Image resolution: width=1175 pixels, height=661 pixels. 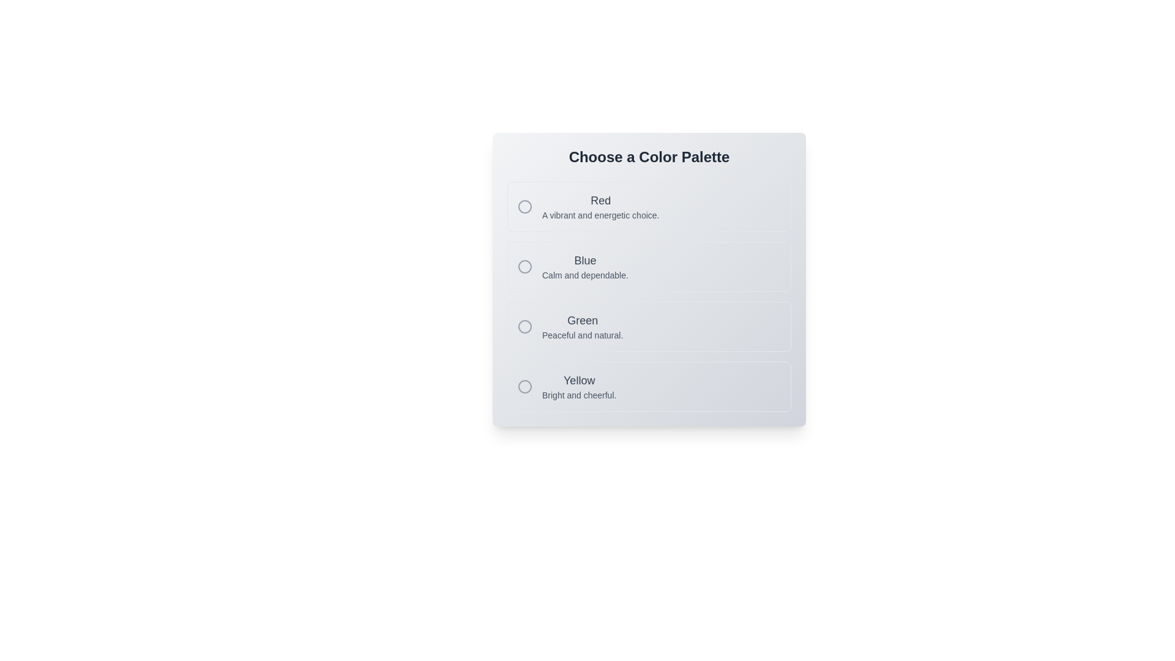 What do you see at coordinates (525, 206) in the screenshot?
I see `the radio button for the 'Red' color palette option, which is the first element in a vertical list of color choices` at bounding box center [525, 206].